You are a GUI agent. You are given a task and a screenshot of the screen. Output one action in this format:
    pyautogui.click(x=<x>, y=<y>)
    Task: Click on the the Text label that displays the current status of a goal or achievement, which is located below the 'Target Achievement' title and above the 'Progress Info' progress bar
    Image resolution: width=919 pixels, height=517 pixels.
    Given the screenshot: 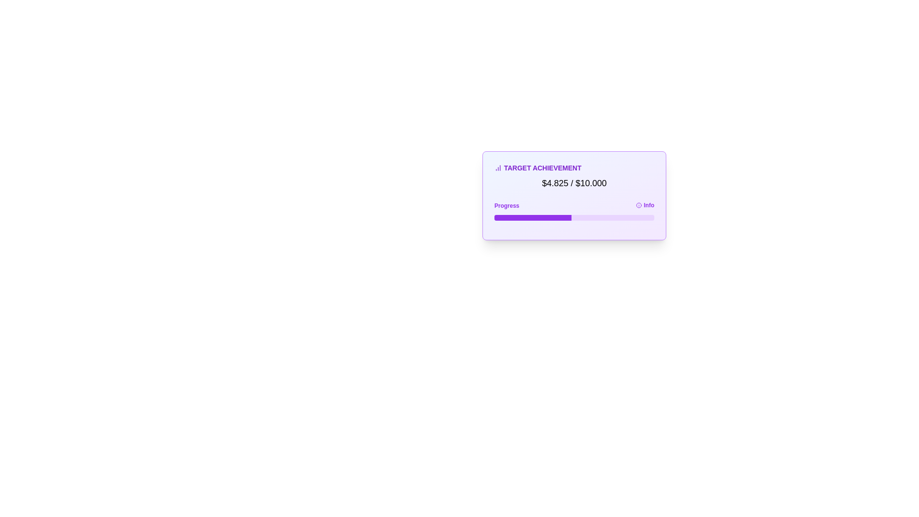 What is the action you would take?
    pyautogui.click(x=574, y=183)
    